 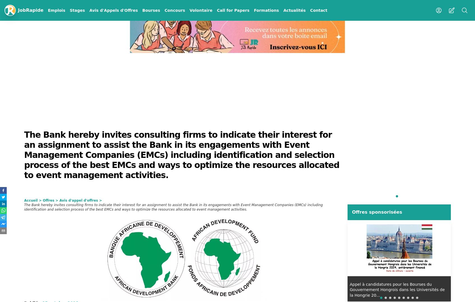 What do you see at coordinates (59, 200) in the screenshot?
I see `'Avis d'appel d'offres'` at bounding box center [59, 200].